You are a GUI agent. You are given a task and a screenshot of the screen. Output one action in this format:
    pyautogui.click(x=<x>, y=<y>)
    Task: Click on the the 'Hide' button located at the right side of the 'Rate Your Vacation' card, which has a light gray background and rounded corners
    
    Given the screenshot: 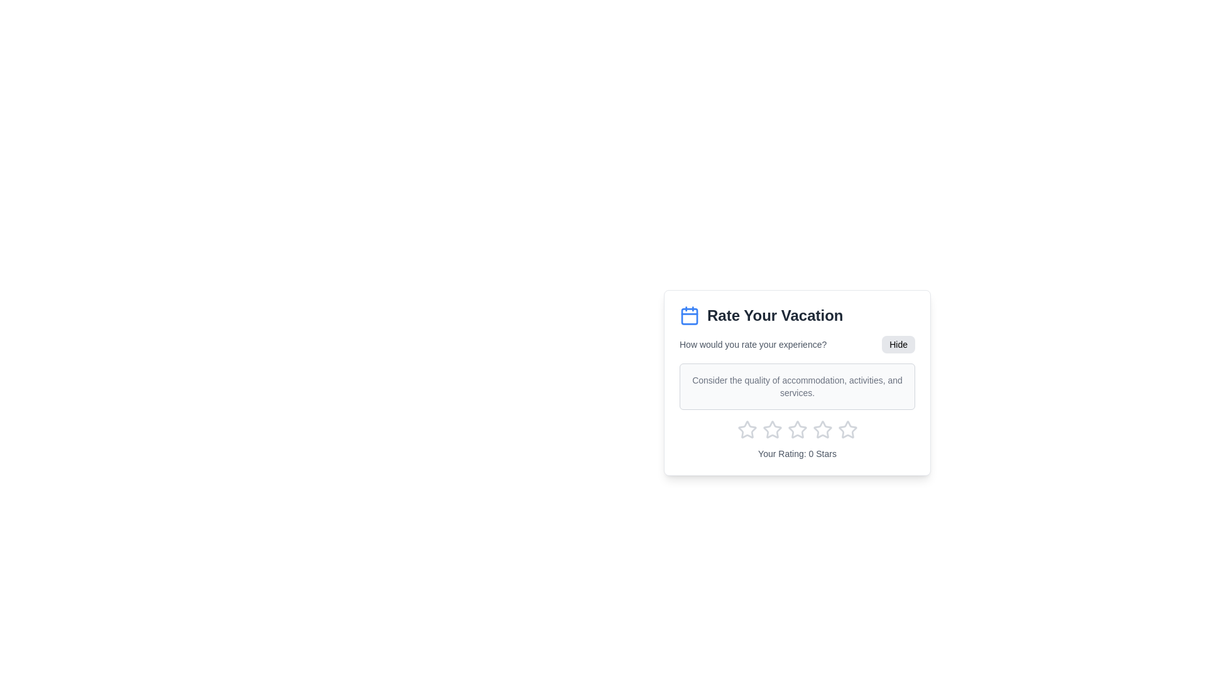 What is the action you would take?
    pyautogui.click(x=898, y=344)
    